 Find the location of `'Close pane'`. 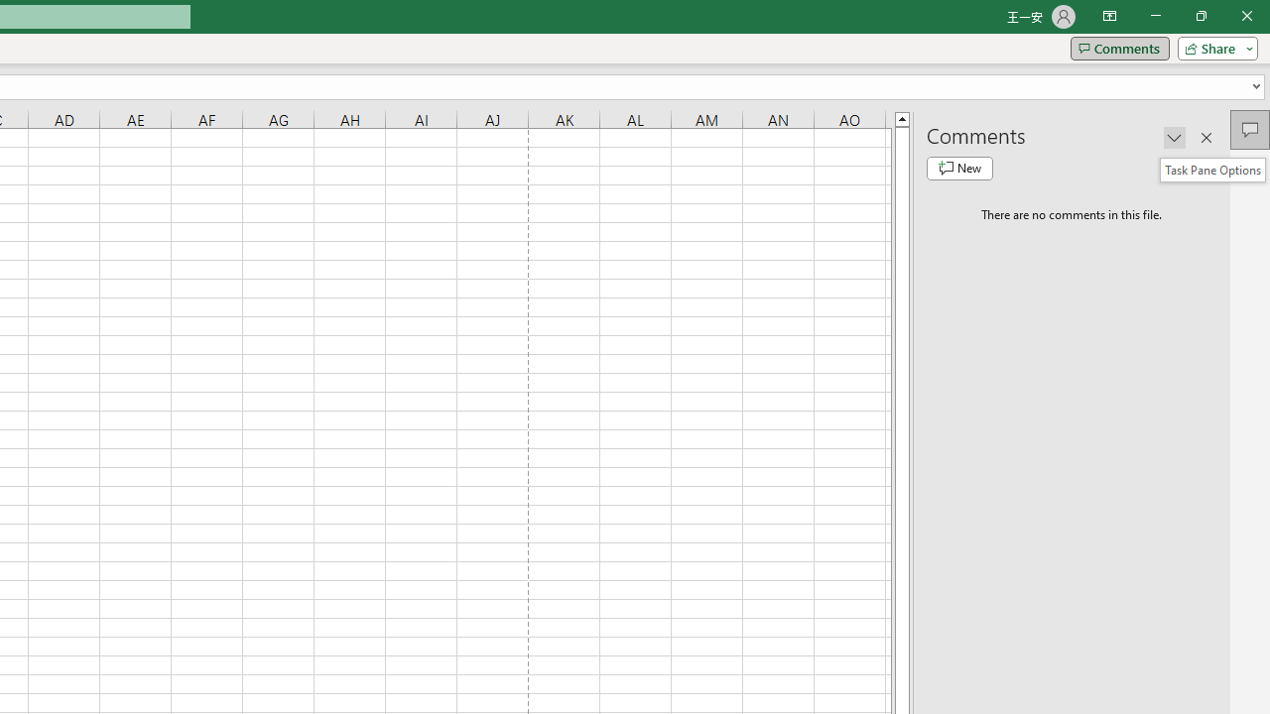

'Close pane' is located at coordinates (1206, 136).